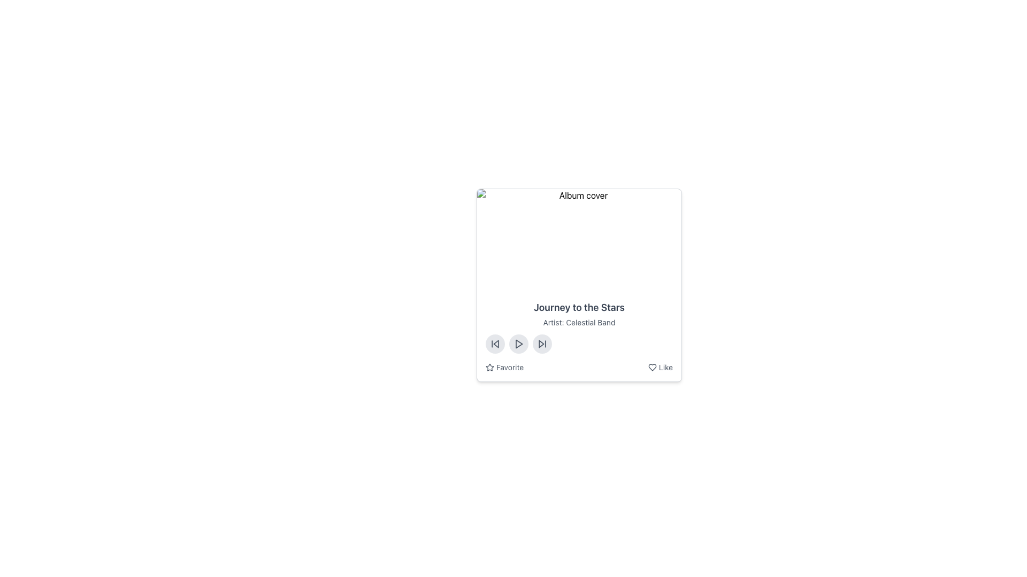 This screenshot has width=1027, height=577. Describe the element at coordinates (518, 344) in the screenshot. I see `the play icon located in the middle button of the control panel to initiate playback` at that location.